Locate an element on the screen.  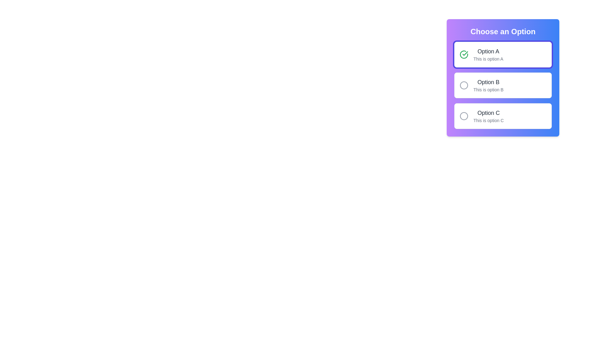
the text label for the second option in the selection panel, located below 'Option A' and above 'Option C' is located at coordinates (488, 85).